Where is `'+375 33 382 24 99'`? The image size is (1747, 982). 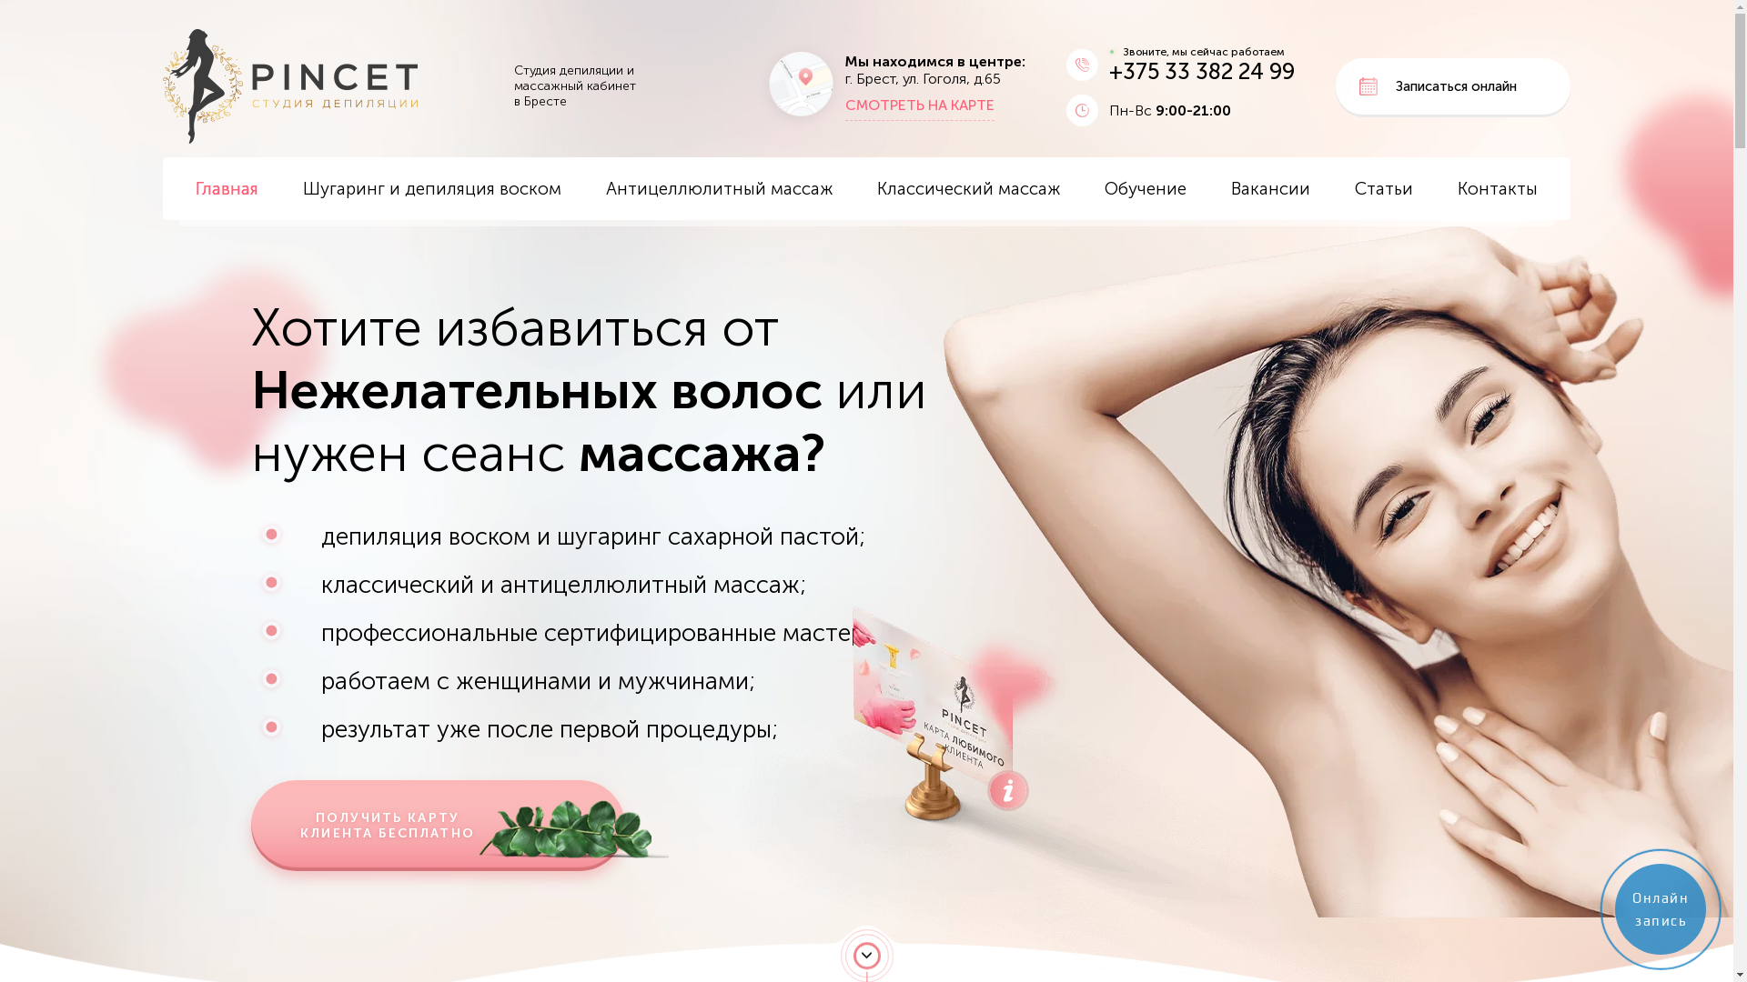 '+375 33 382 24 99' is located at coordinates (1201, 70).